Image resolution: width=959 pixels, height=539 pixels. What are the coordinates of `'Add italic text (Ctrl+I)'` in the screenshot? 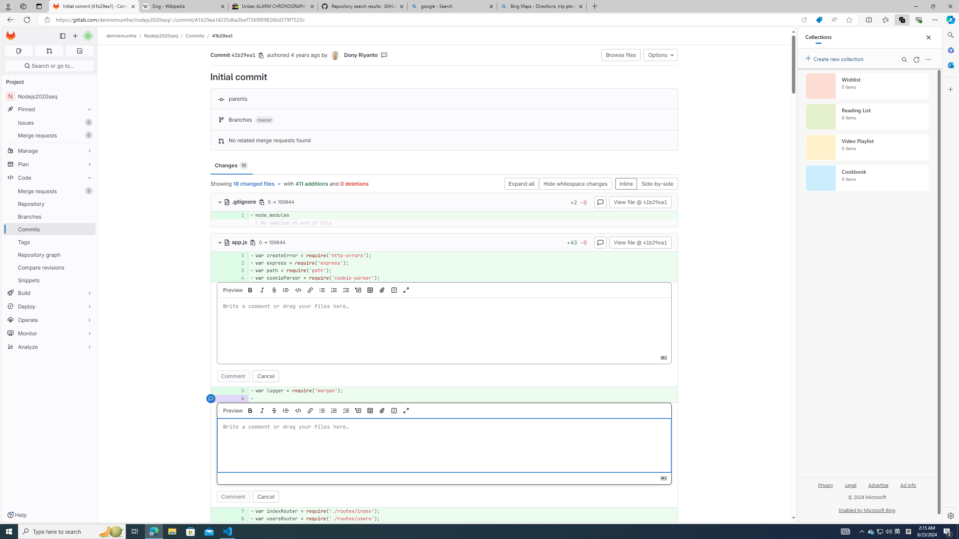 It's located at (262, 410).